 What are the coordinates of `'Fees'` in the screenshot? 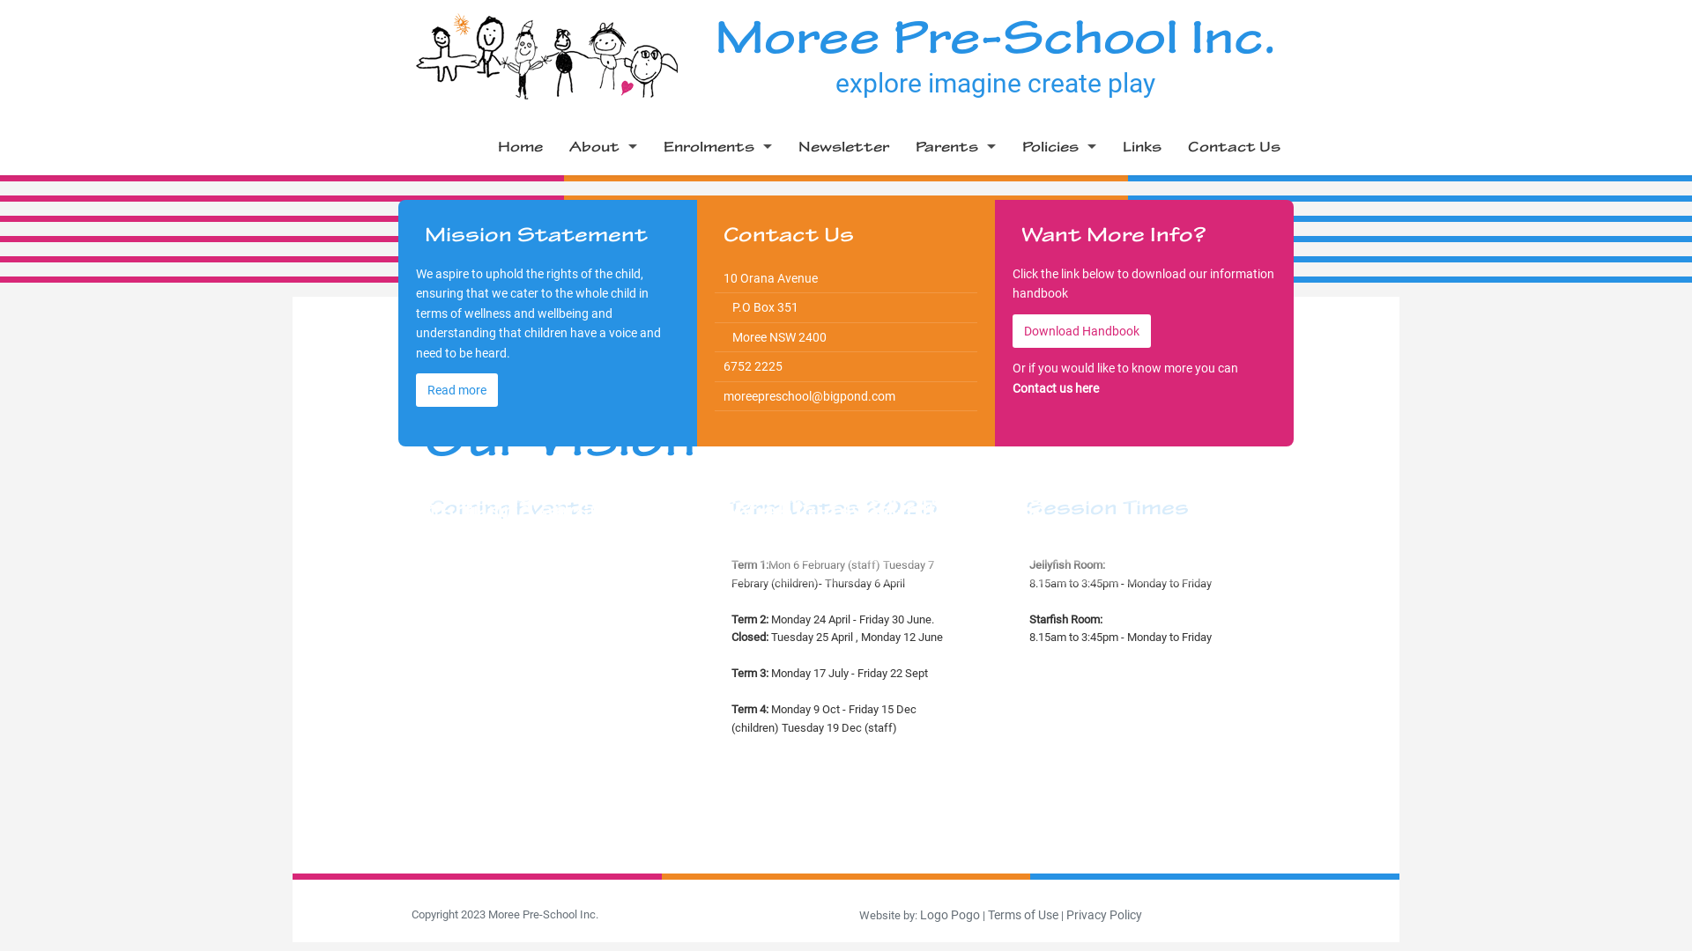 It's located at (717, 186).